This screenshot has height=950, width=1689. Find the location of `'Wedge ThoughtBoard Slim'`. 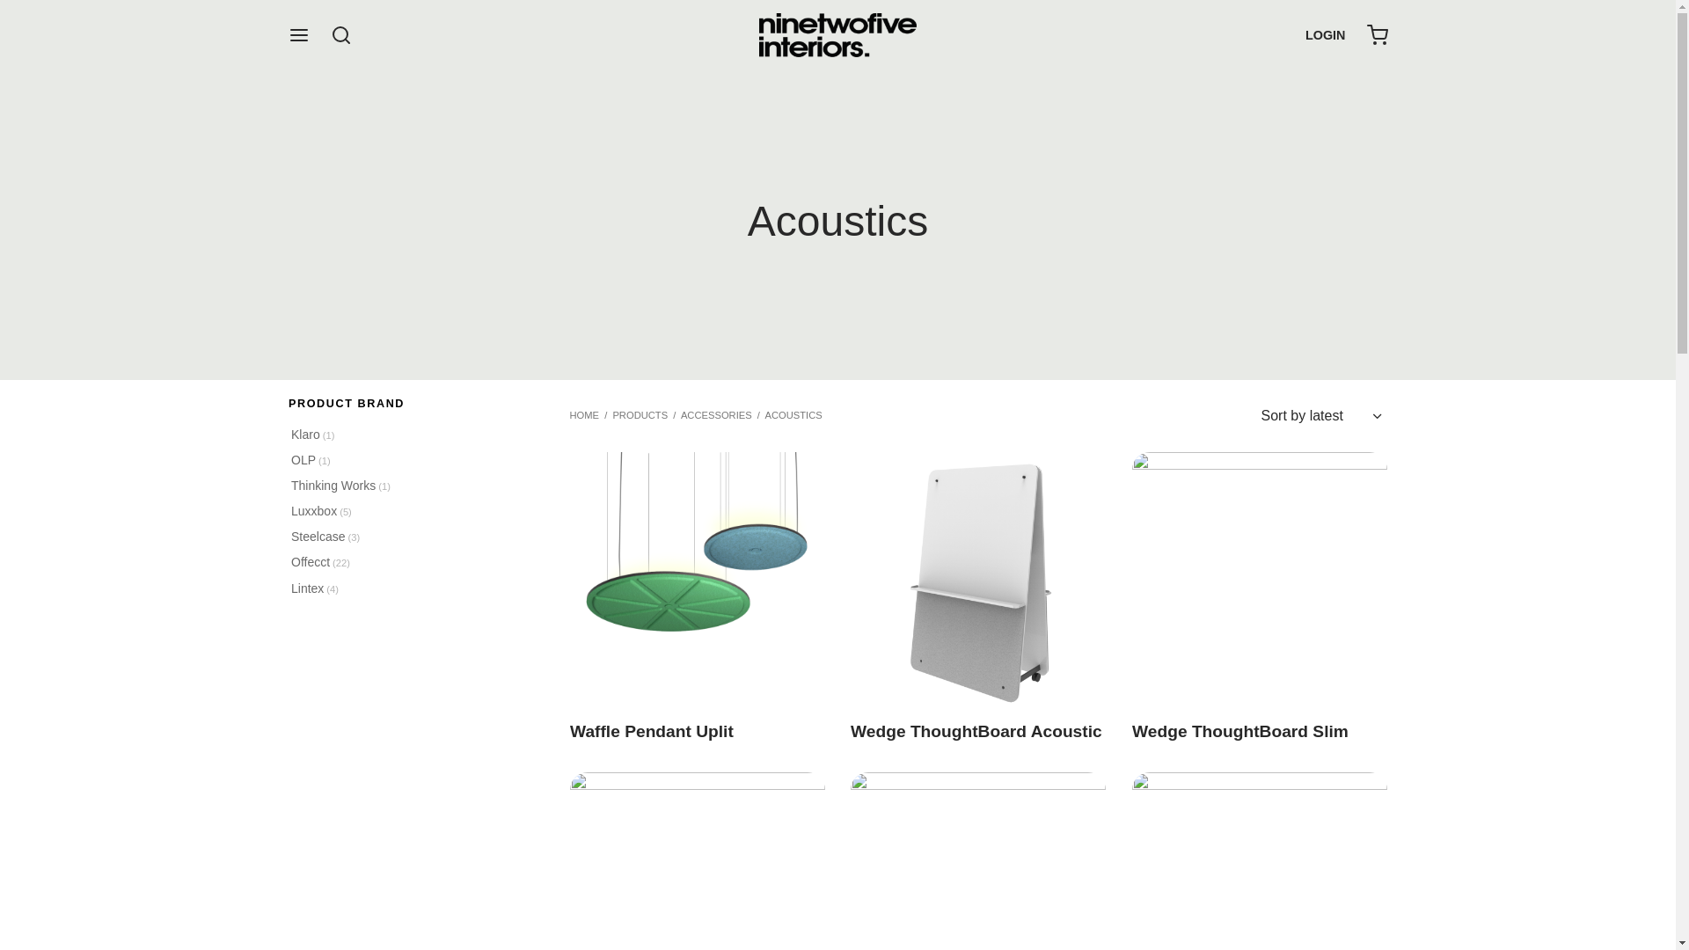

'Wedge ThoughtBoard Slim' is located at coordinates (1131, 580).